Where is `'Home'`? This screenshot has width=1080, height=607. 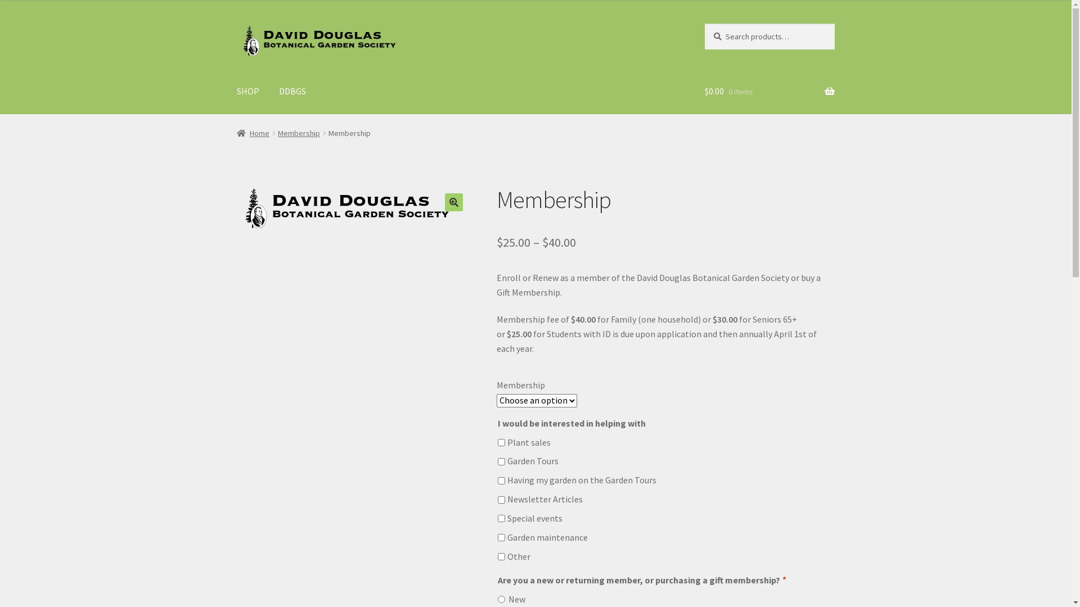
'Home' is located at coordinates (236, 132).